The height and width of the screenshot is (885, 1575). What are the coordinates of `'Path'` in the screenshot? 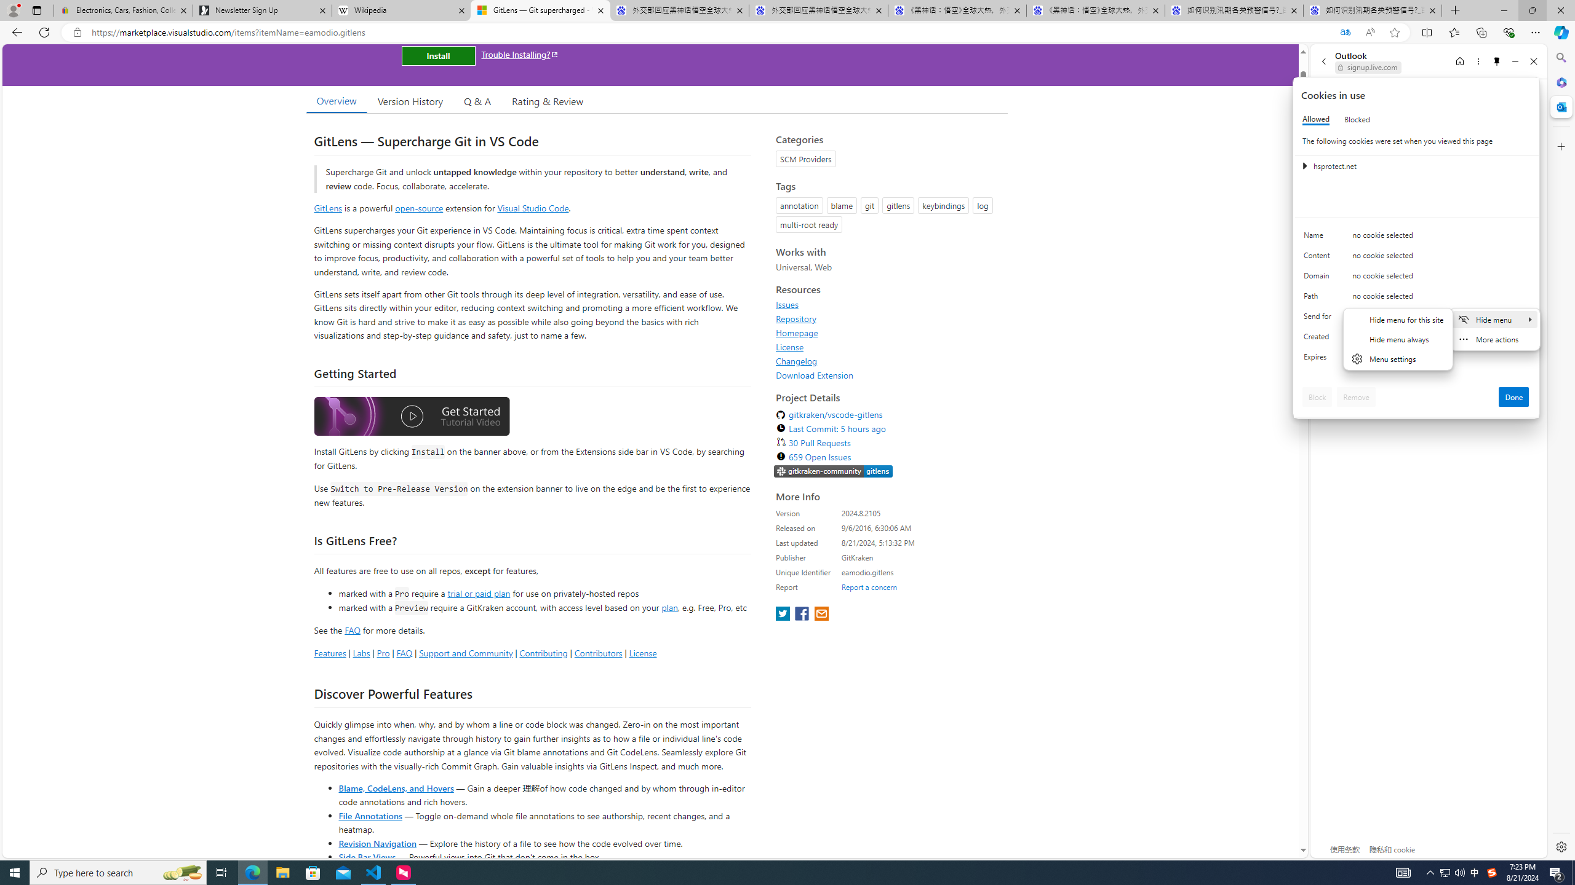 It's located at (1319, 299).